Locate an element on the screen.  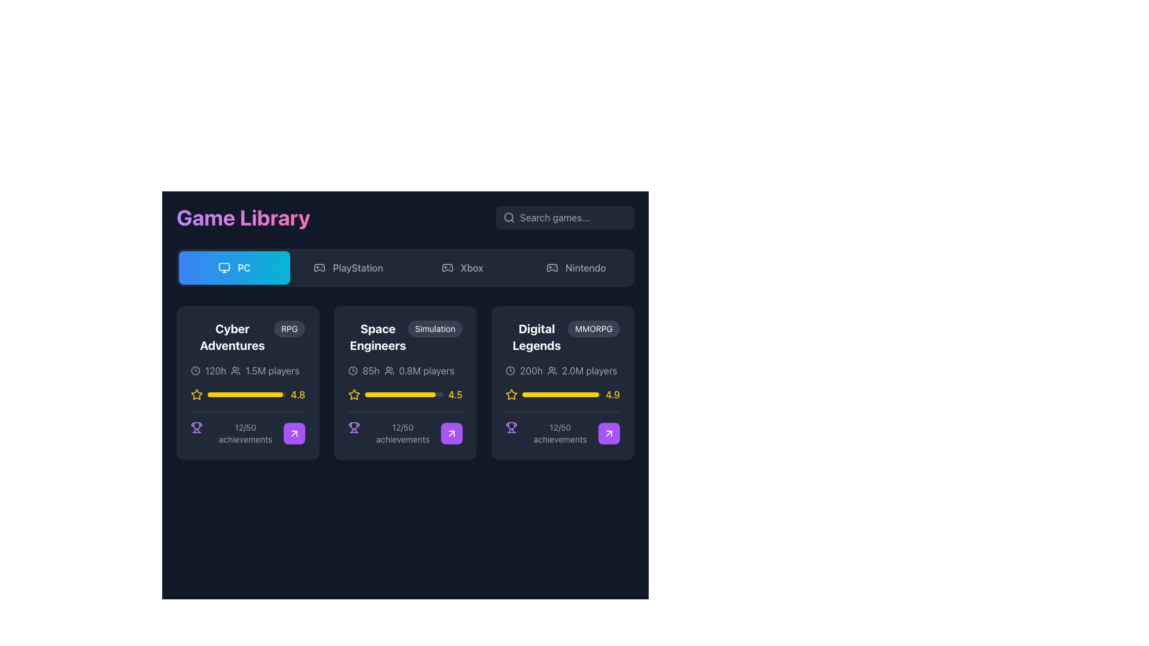
the yellow progress bar of the Rating display component located in the 'Digital Legends' card, which is the rightmost card among three horizontally aligned game cards is located at coordinates (562, 394).